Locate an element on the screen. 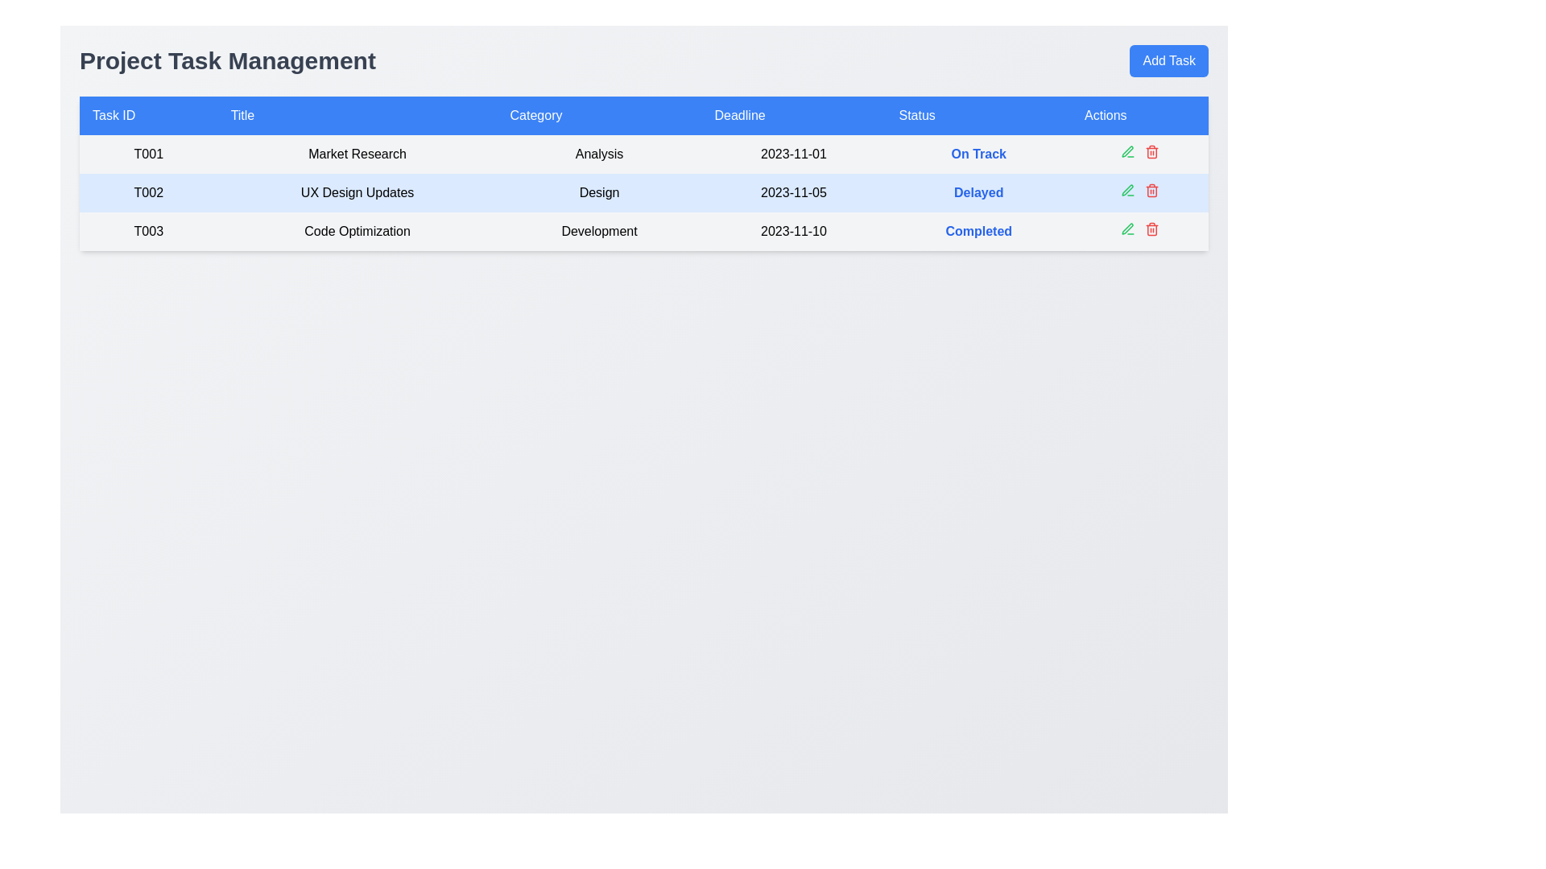 Image resolution: width=1546 pixels, height=869 pixels. the green icon button in the Actions column of the table is located at coordinates (1127, 189).